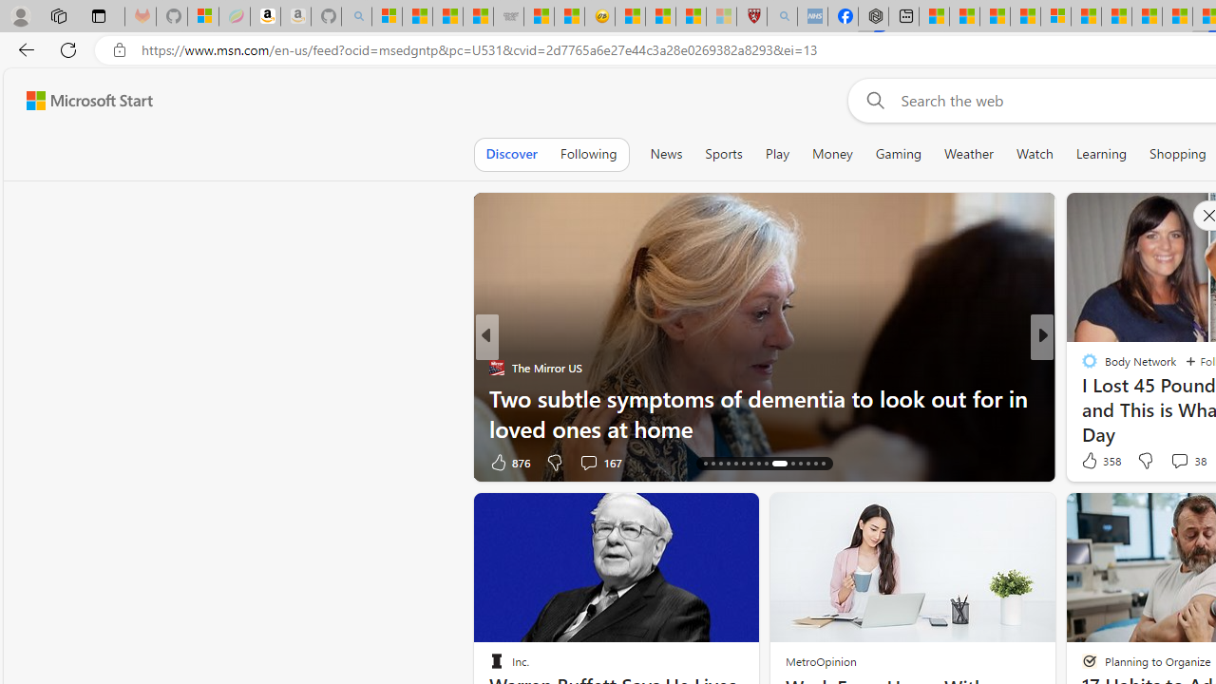 The width and height of the screenshot is (1216, 684). I want to click on 'Learning', so click(1101, 153).